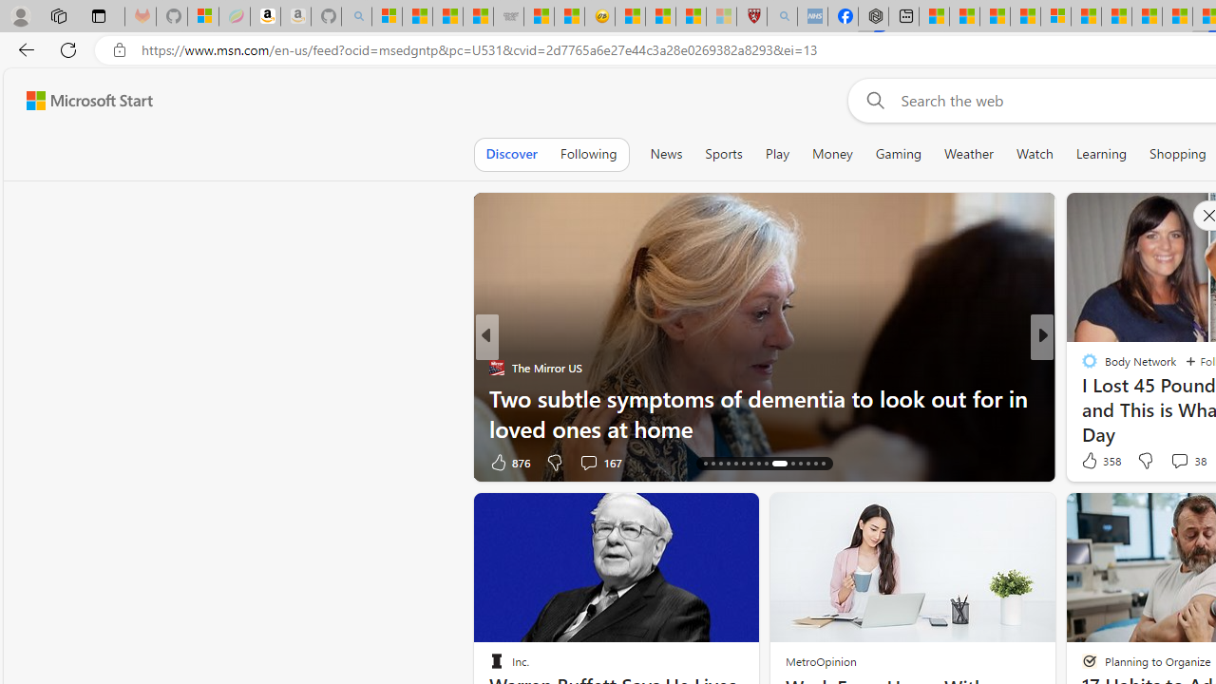 The width and height of the screenshot is (1216, 684). I want to click on 'Learning', so click(1101, 153).